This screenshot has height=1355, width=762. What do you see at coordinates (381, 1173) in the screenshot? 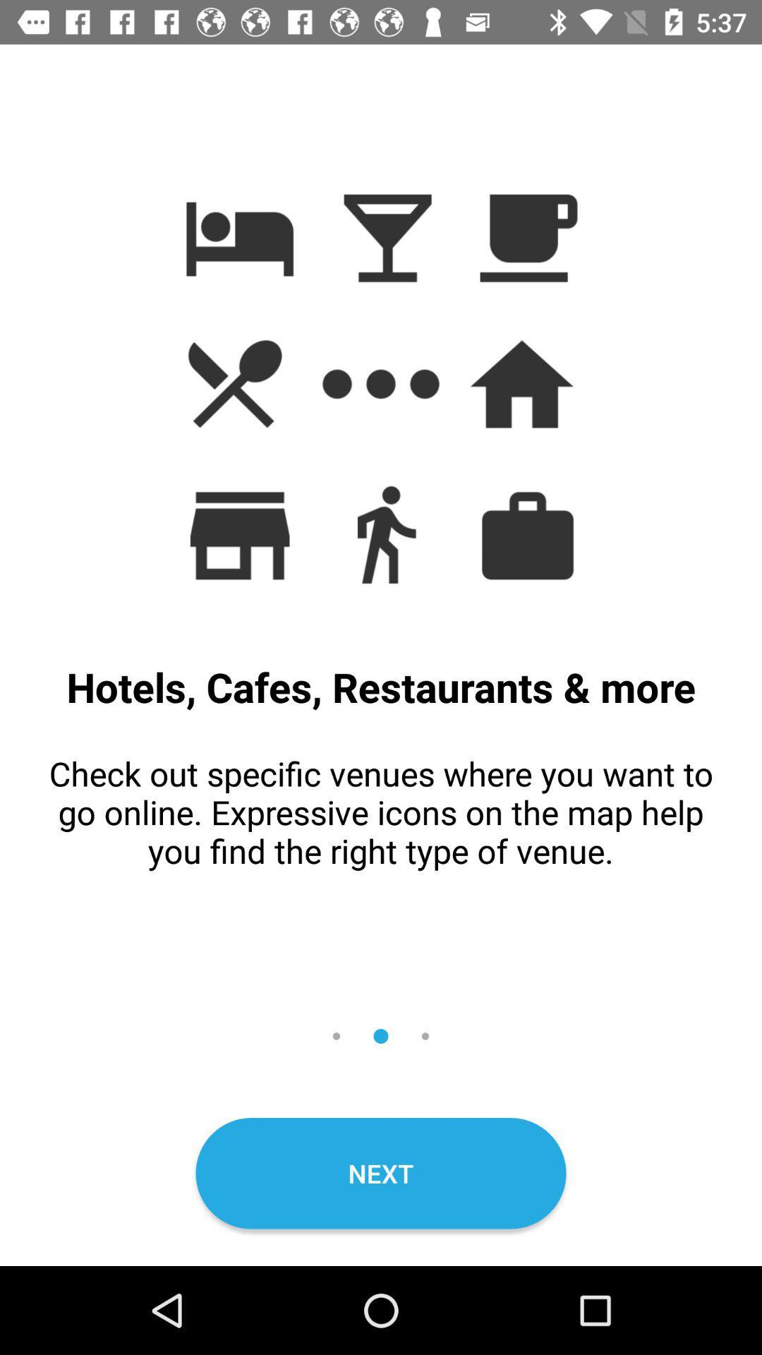
I see `the next item` at bounding box center [381, 1173].